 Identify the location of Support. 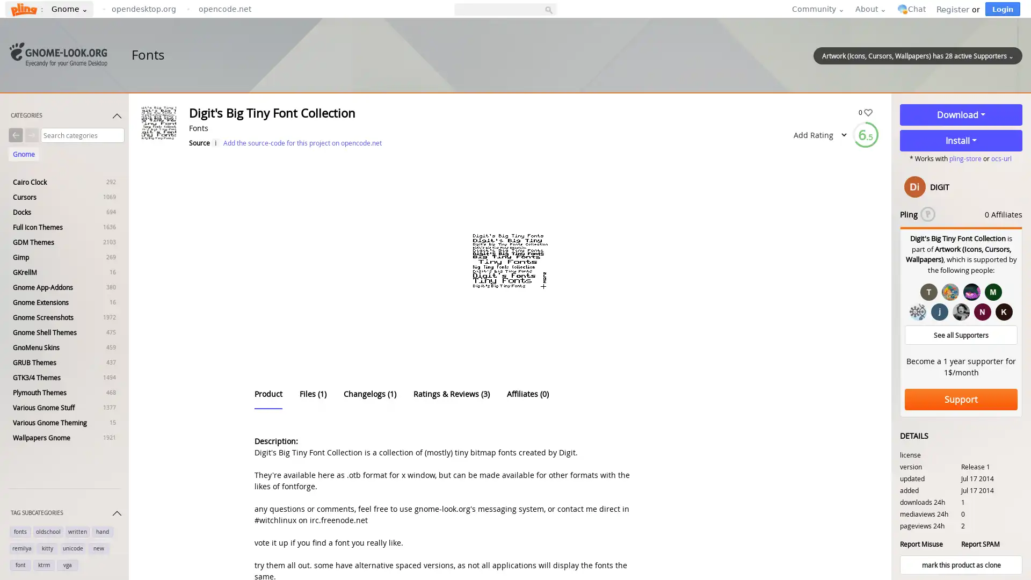
(961, 400).